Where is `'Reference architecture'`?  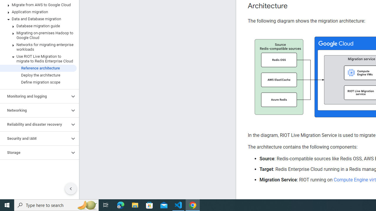 'Reference architecture' is located at coordinates (38, 68).